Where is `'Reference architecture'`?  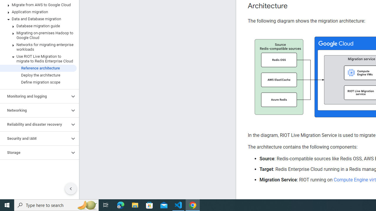 'Reference architecture' is located at coordinates (38, 68).